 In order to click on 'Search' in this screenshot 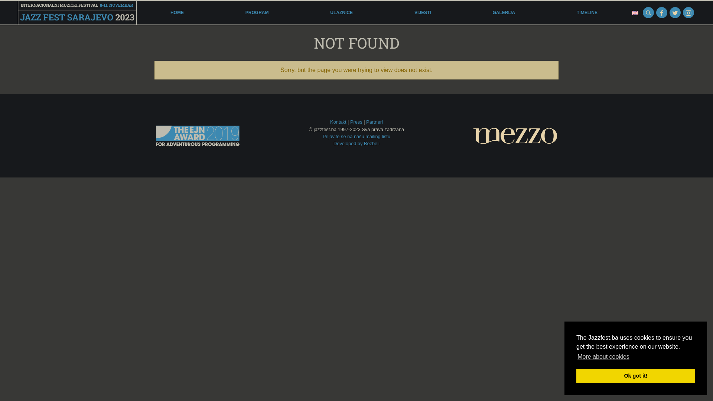, I will do `click(648, 13)`.